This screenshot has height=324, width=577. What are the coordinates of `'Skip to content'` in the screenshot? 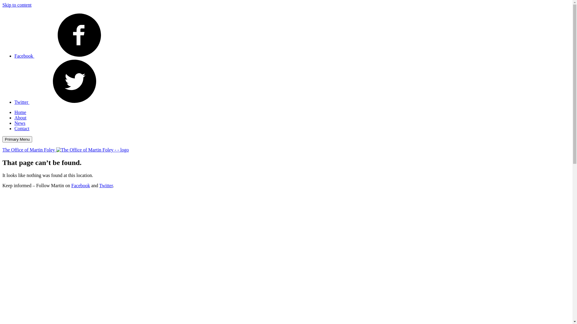 It's located at (17, 5).